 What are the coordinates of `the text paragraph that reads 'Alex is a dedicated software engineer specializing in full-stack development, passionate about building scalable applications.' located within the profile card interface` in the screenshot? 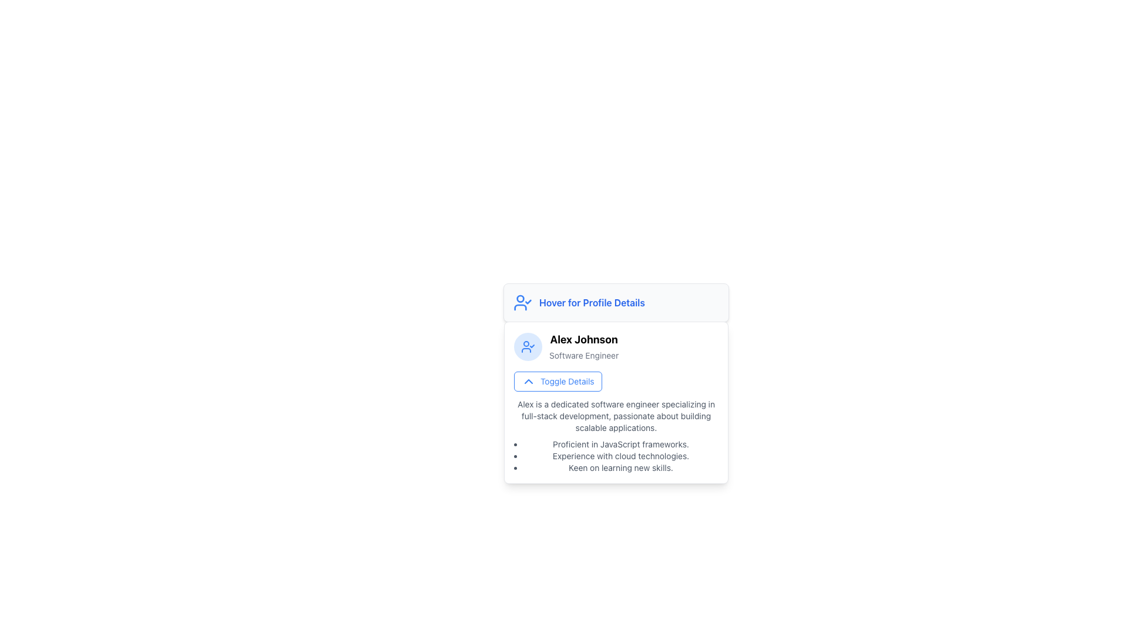 It's located at (616, 416).